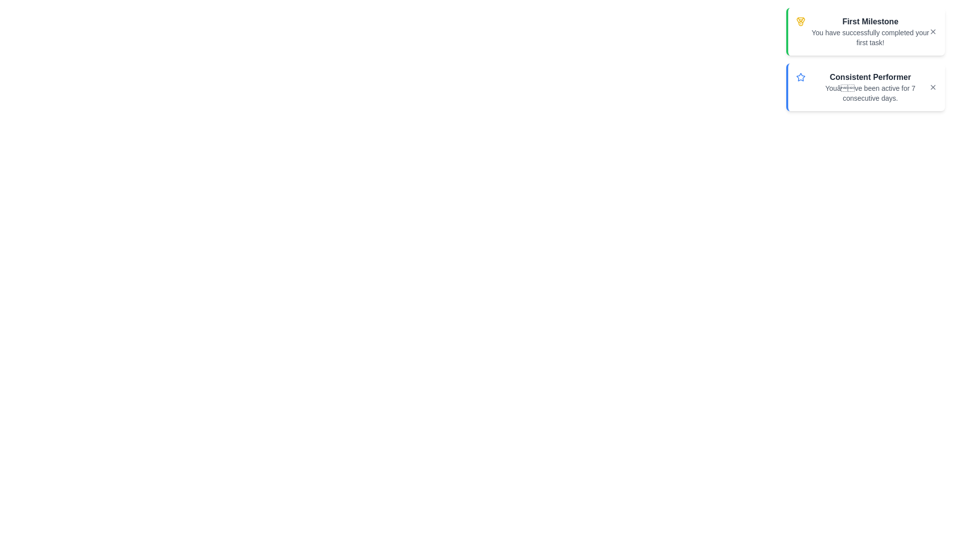 The height and width of the screenshot is (536, 953). What do you see at coordinates (800, 76) in the screenshot?
I see `the icon for the achievement titled Consistent Performer` at bounding box center [800, 76].